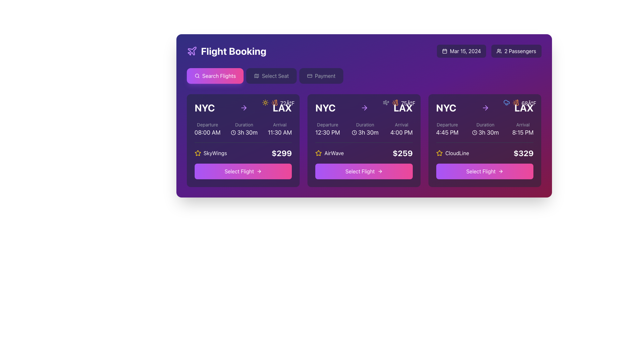 This screenshot has height=352, width=626. What do you see at coordinates (529, 103) in the screenshot?
I see `the temperature display element located in the top-right area of the rightmost flight information card, adjacent to the LAX label` at bounding box center [529, 103].